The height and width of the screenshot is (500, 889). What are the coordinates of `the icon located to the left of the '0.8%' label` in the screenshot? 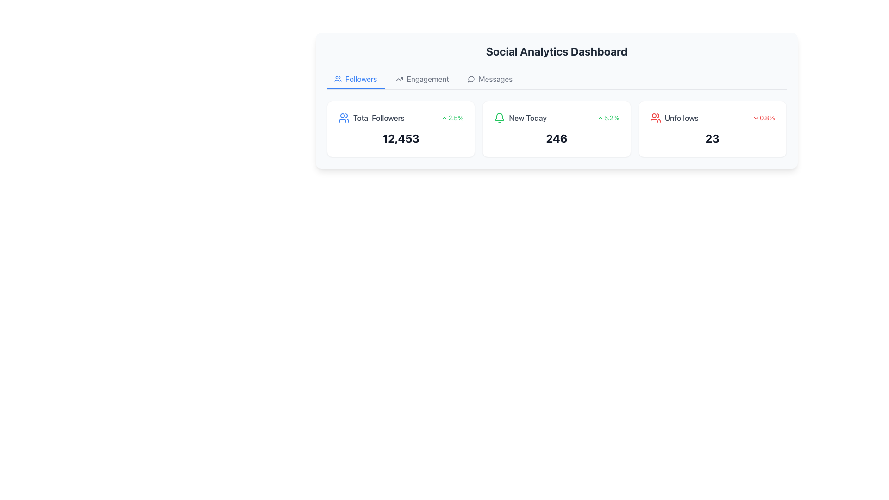 It's located at (756, 117).